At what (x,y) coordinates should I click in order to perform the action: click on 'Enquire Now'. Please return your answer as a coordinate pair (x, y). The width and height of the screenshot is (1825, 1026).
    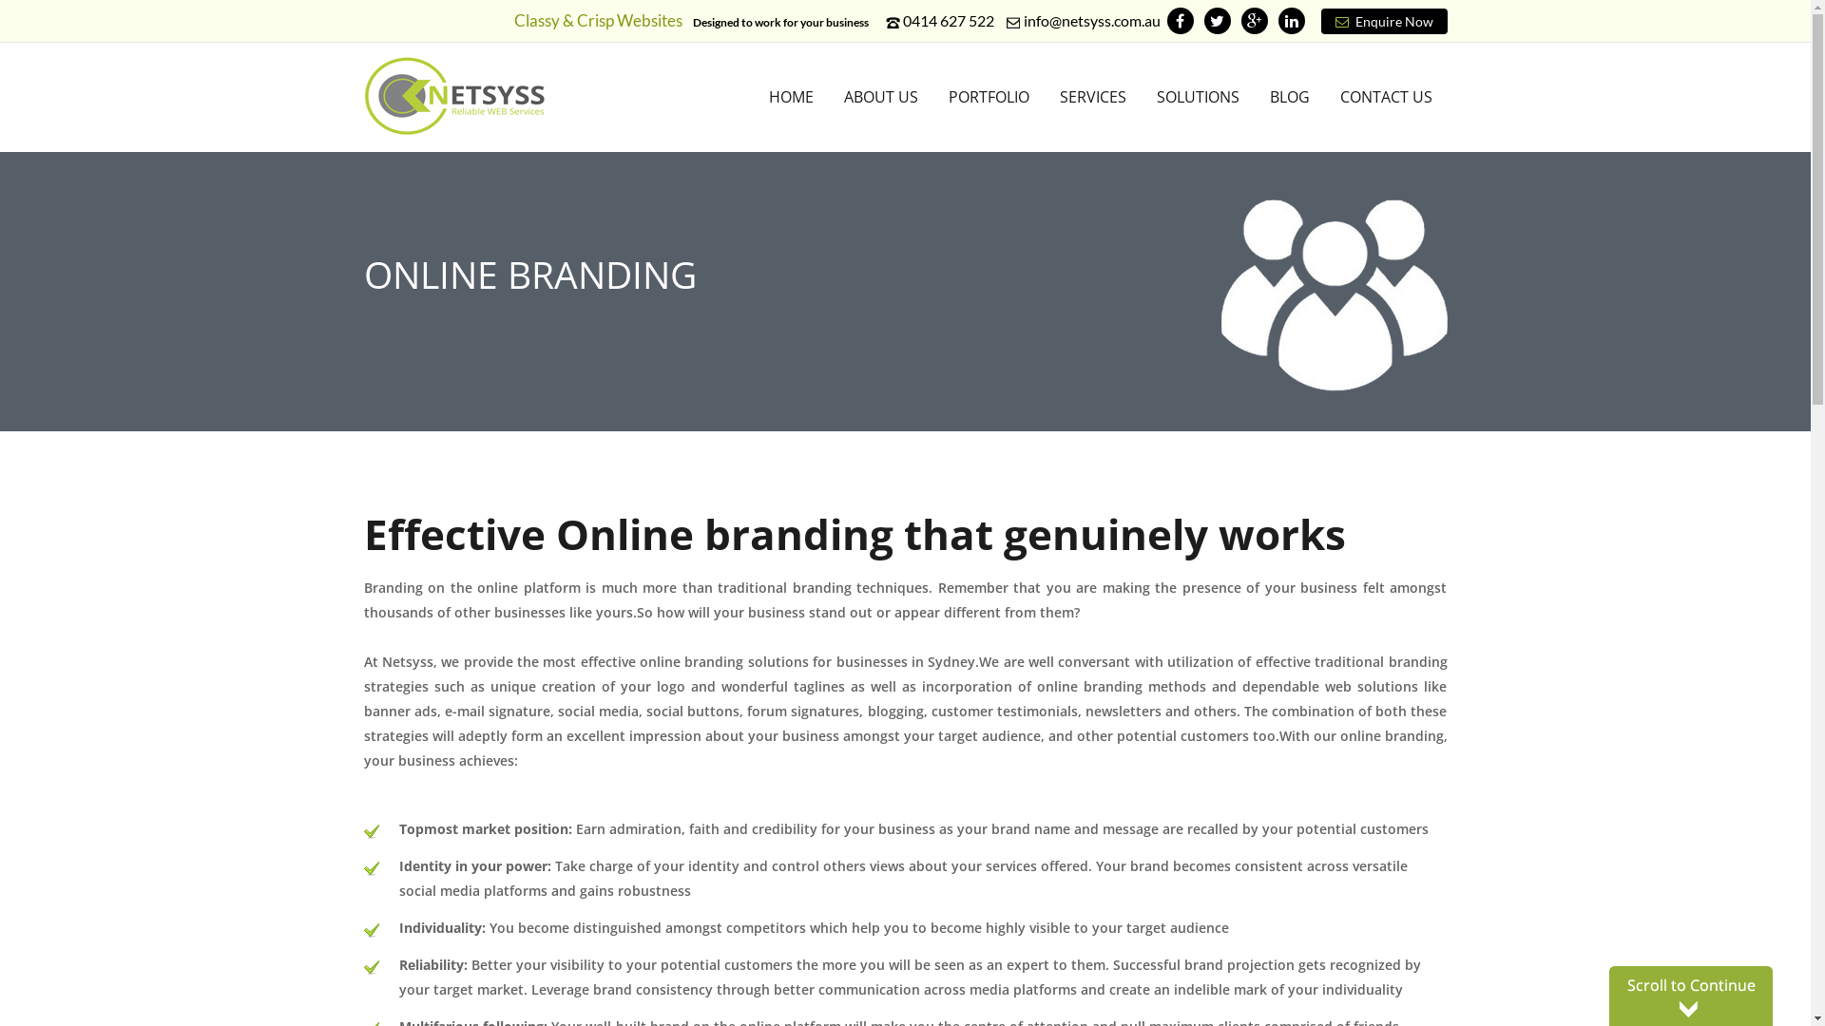
    Looking at the image, I should click on (1384, 21).